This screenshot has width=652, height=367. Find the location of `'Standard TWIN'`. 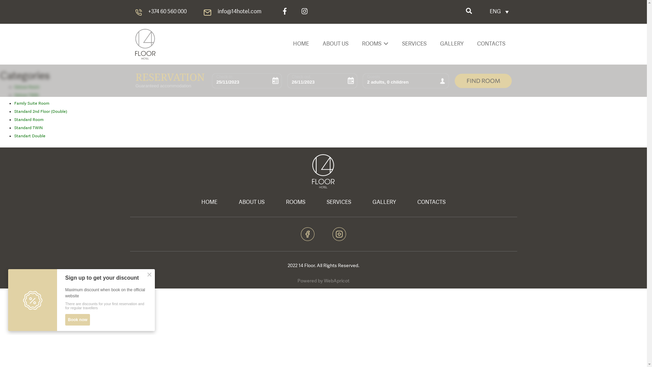

'Standard TWIN' is located at coordinates (28, 128).